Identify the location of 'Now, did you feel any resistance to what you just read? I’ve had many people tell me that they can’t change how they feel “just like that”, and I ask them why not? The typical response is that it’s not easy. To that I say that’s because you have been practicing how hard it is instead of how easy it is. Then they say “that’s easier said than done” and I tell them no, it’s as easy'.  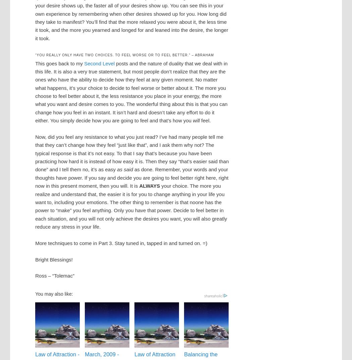
(35, 153).